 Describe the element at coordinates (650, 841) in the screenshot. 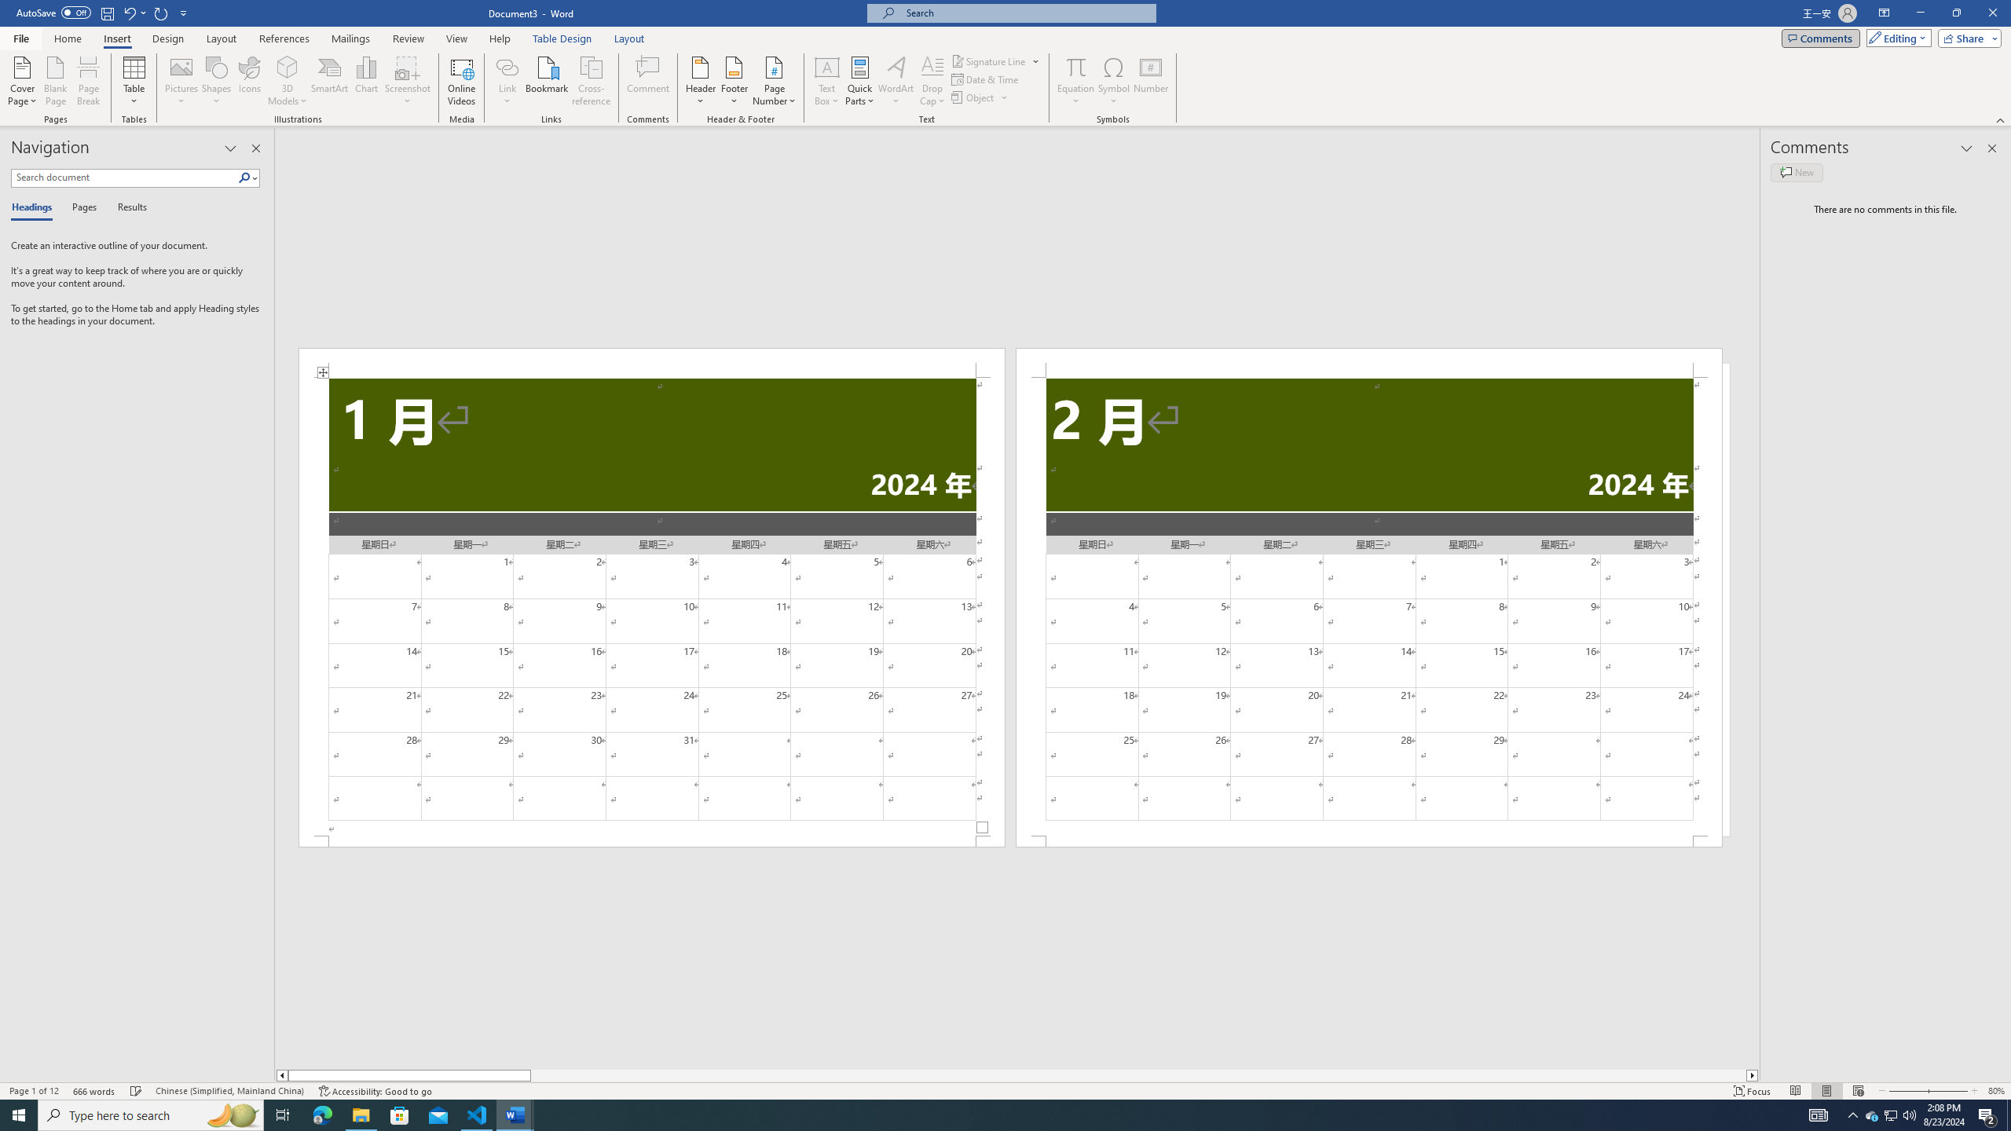

I see `'Footer -Section 1-'` at that location.